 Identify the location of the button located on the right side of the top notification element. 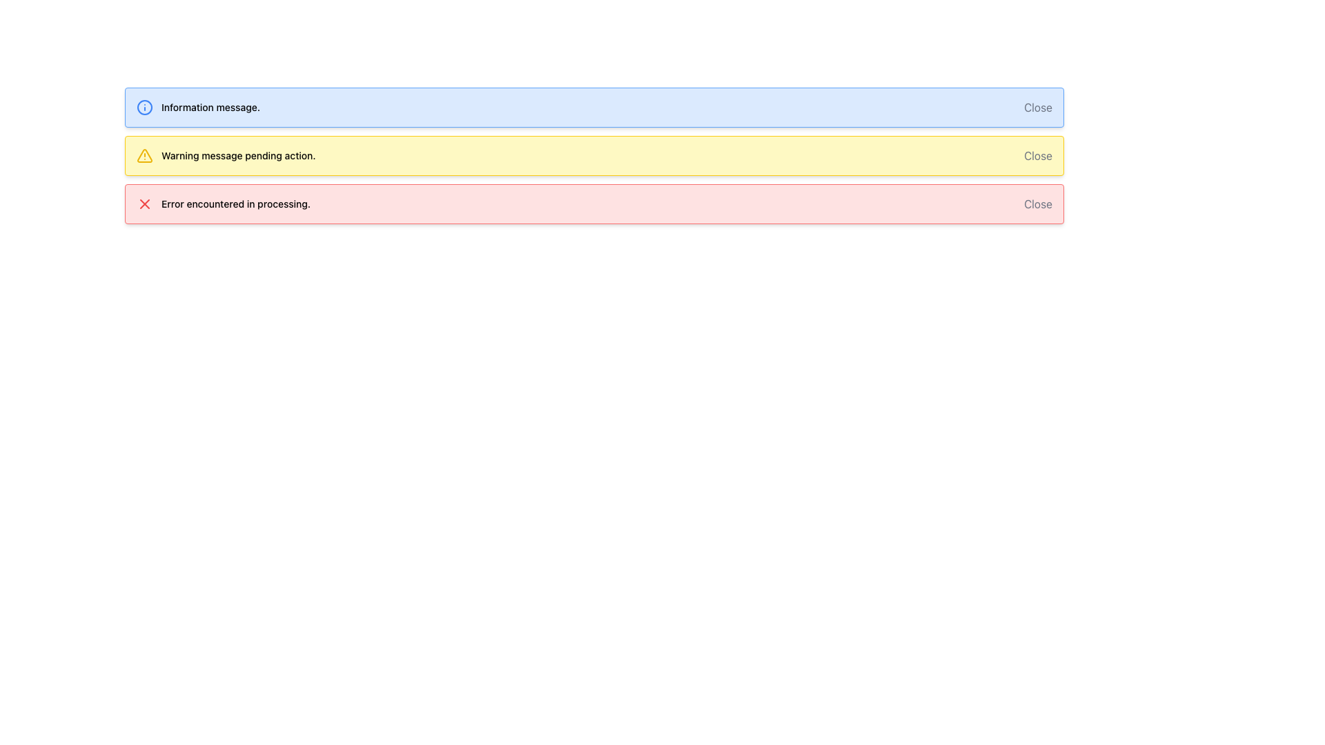
(1038, 106).